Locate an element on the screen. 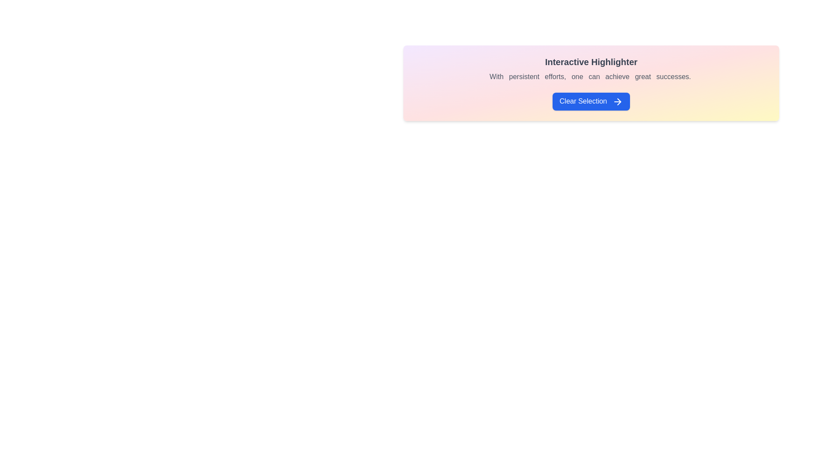 The height and width of the screenshot is (472, 840). the text element displaying the word 'With', which is styled with a rounded background and is the first word in the sentence 'With persistent efforts, one can achieve great successes.' is located at coordinates (497, 76).